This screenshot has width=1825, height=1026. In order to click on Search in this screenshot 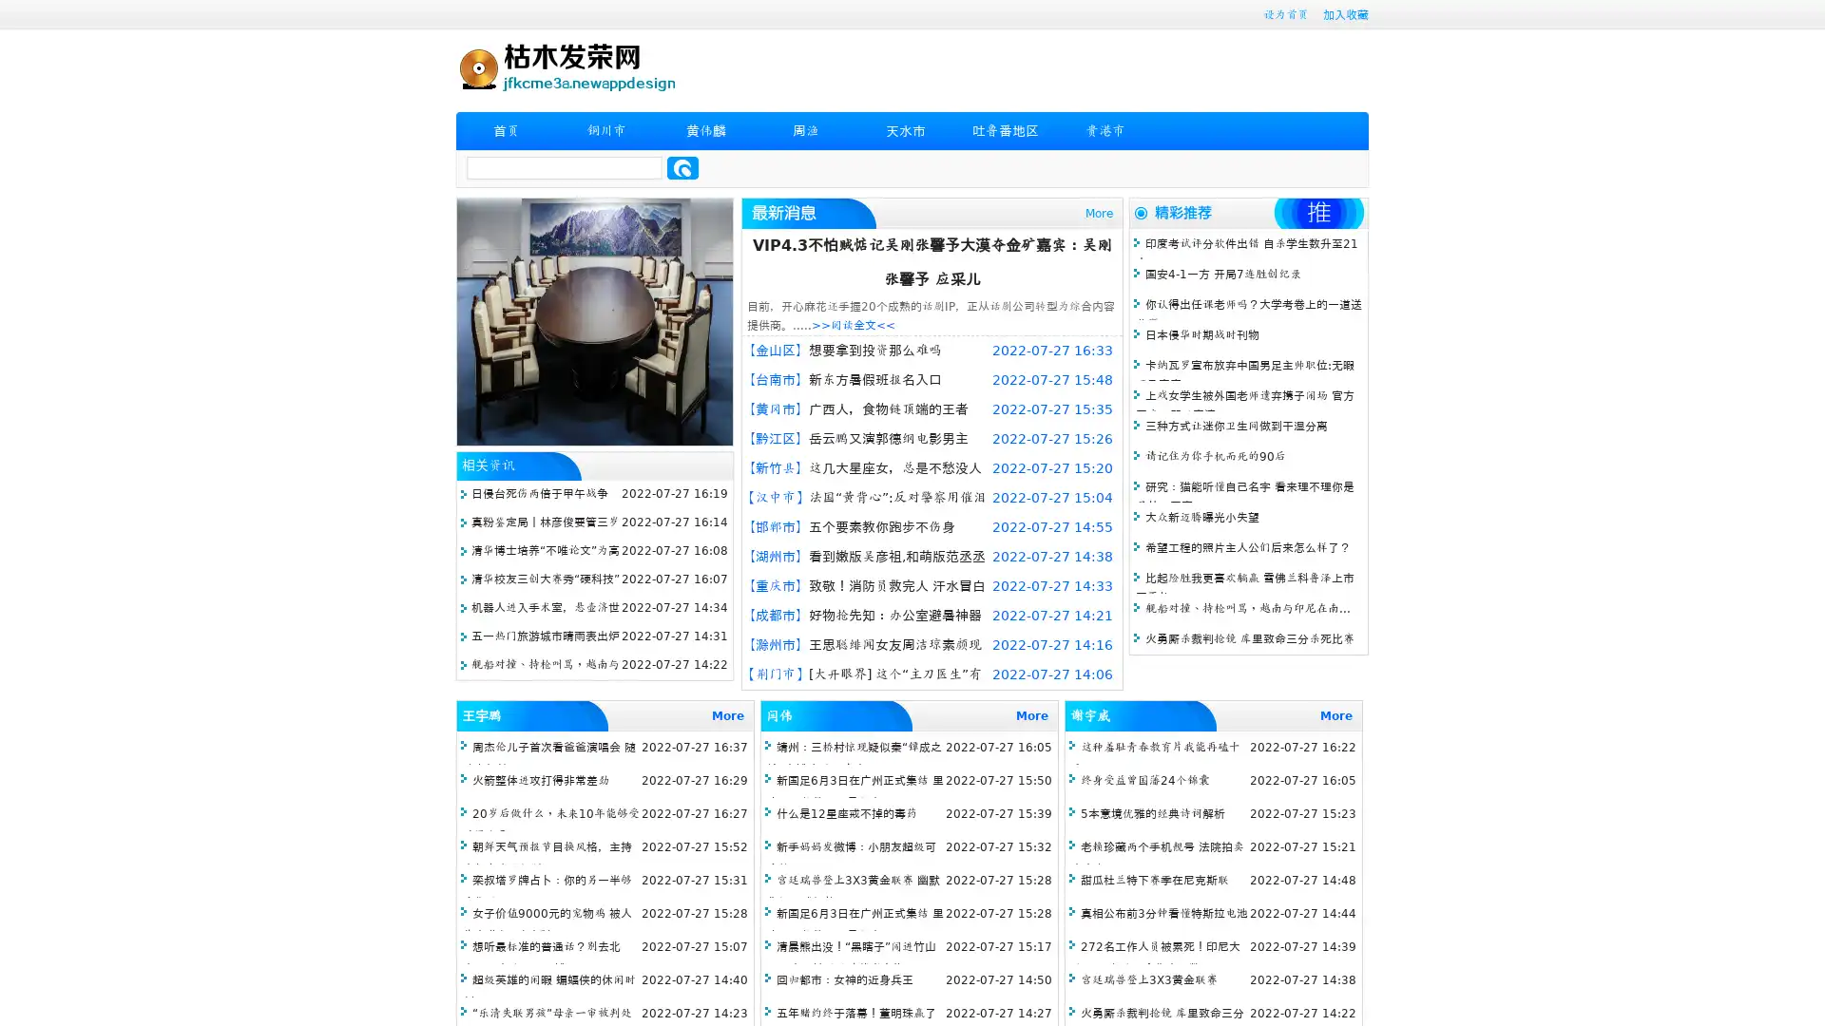, I will do `click(682, 167)`.